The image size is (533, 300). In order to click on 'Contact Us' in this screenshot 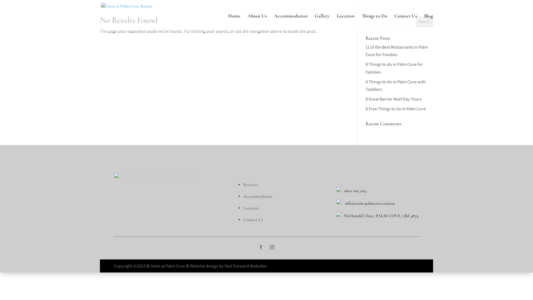, I will do `click(406, 22)`.